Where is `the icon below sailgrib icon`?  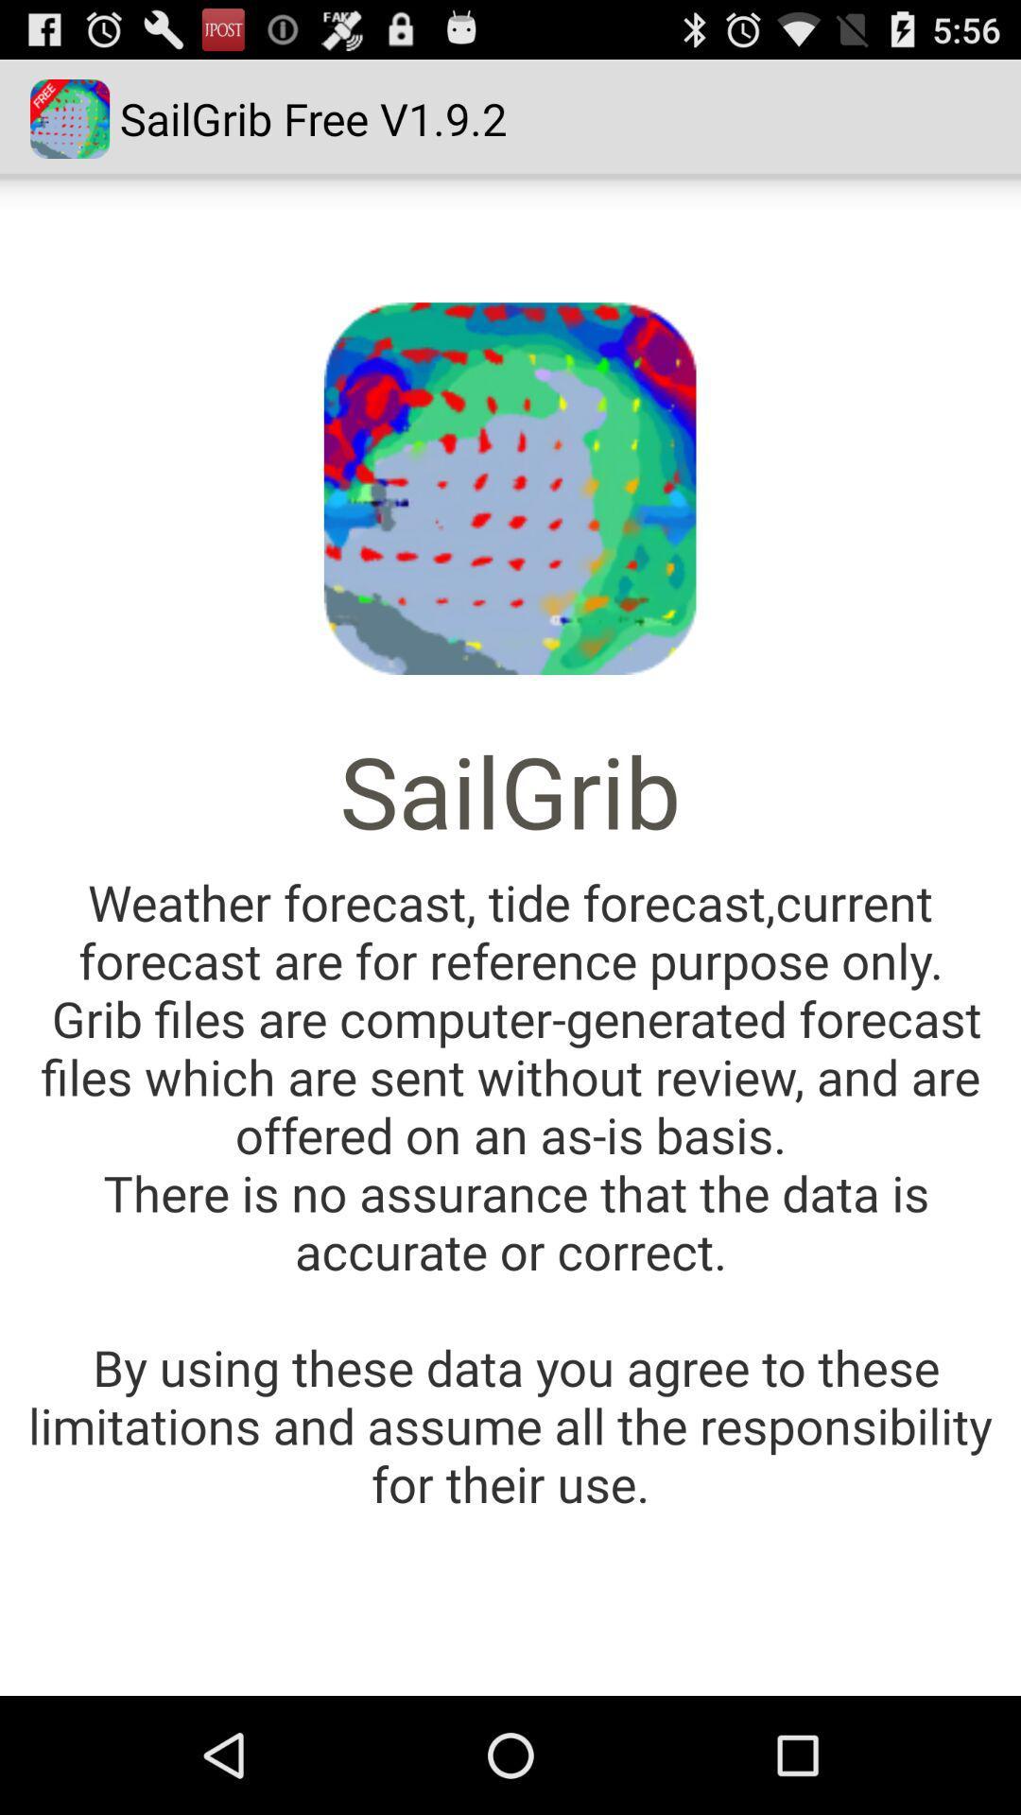 the icon below sailgrib icon is located at coordinates (510, 1191).